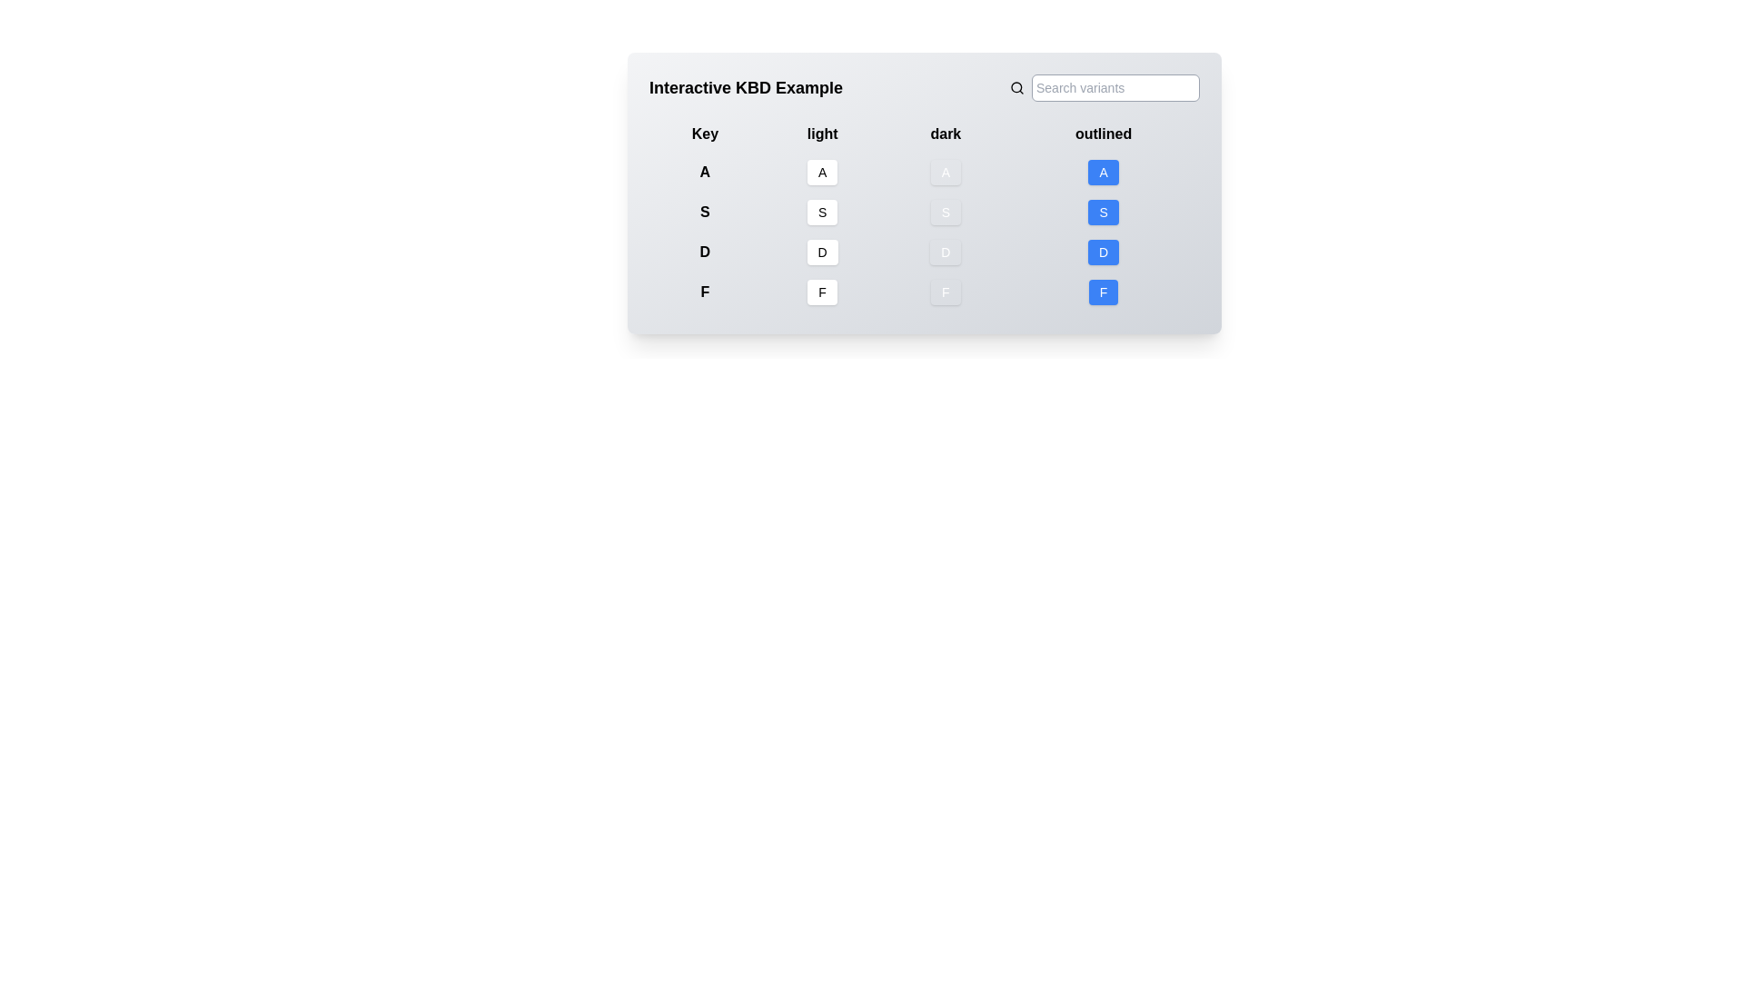 This screenshot has height=981, width=1744. I want to click on the 'S' button in the second row, third column of the interactive grid, which is part of a keyboard simulation with a gradient background, so click(924, 213).